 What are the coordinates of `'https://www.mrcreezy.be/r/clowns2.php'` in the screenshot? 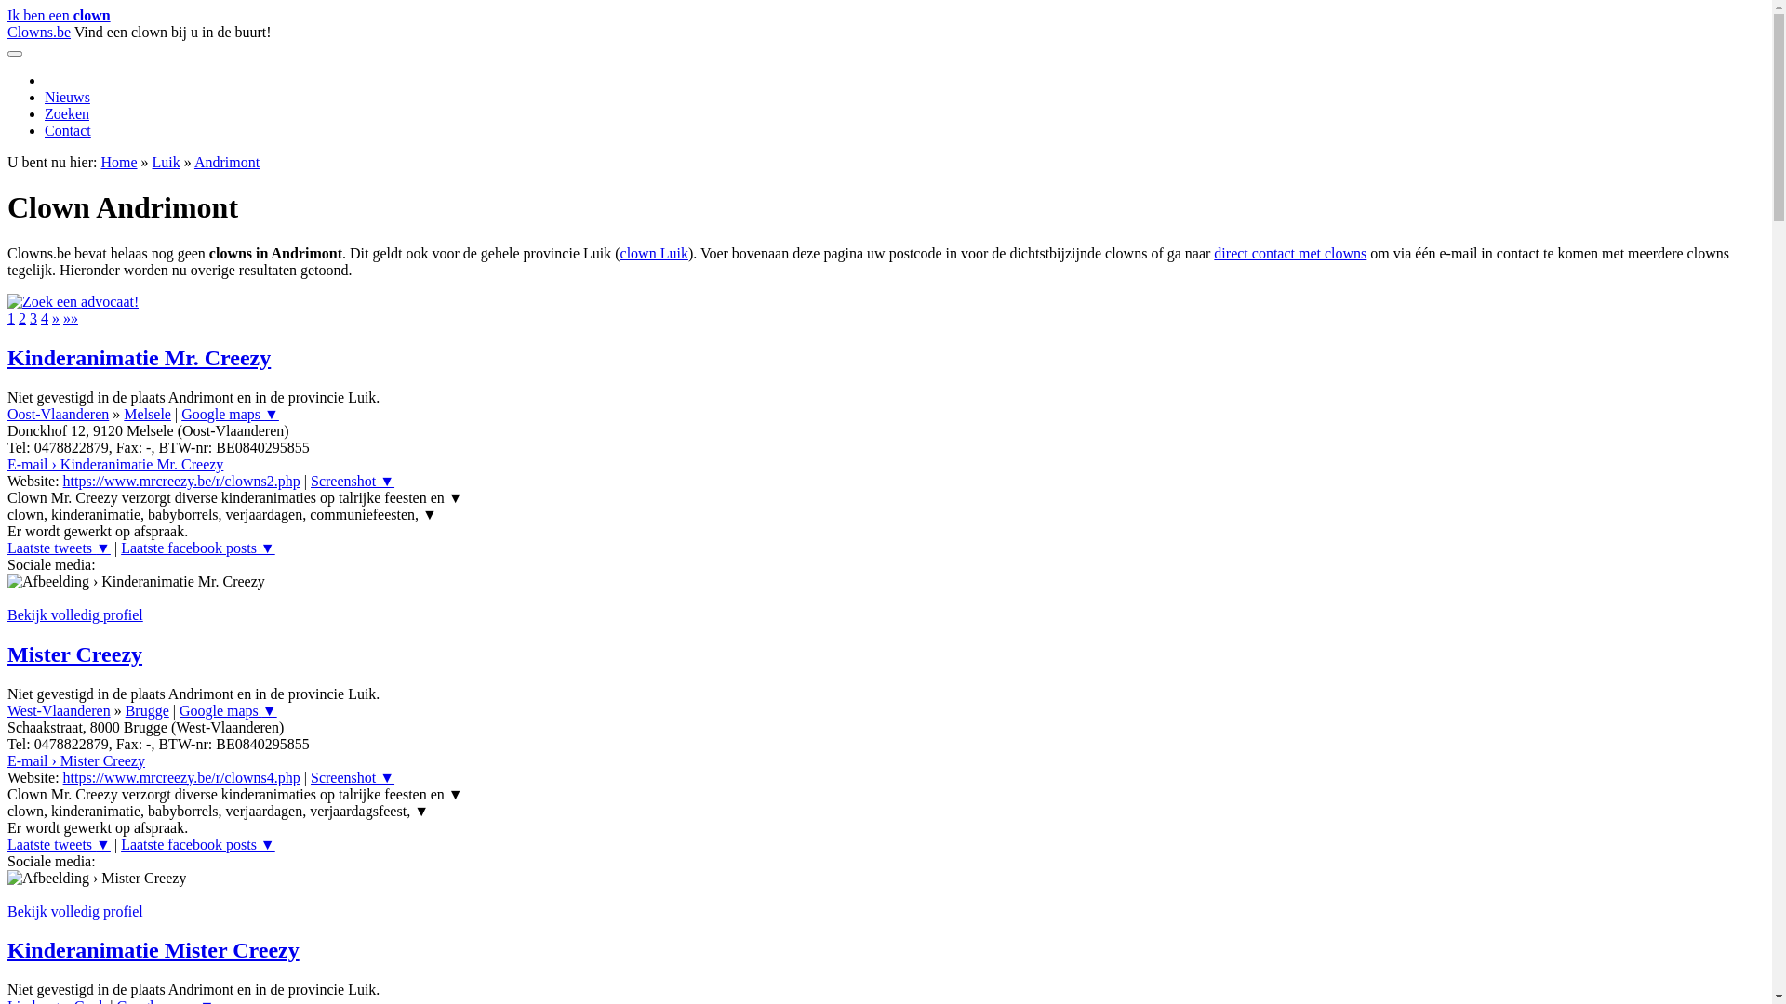 It's located at (62, 480).